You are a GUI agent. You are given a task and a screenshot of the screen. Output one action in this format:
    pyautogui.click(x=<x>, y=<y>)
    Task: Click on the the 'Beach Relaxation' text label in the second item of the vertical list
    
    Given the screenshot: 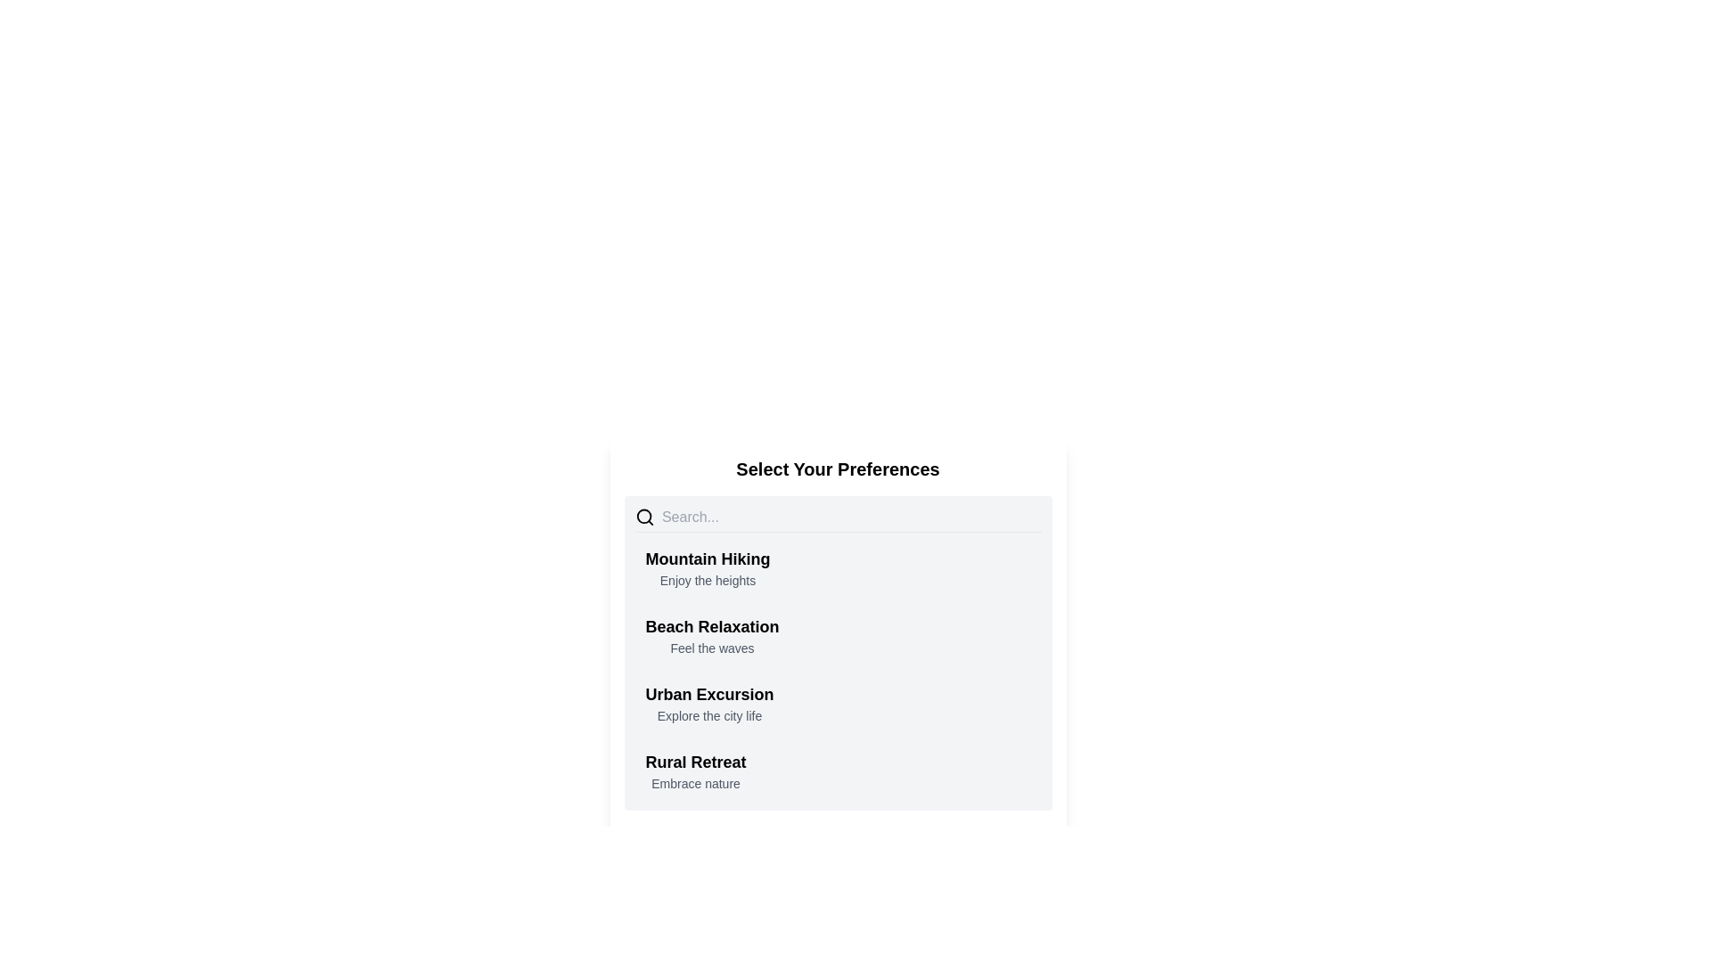 What is the action you would take?
    pyautogui.click(x=711, y=634)
    